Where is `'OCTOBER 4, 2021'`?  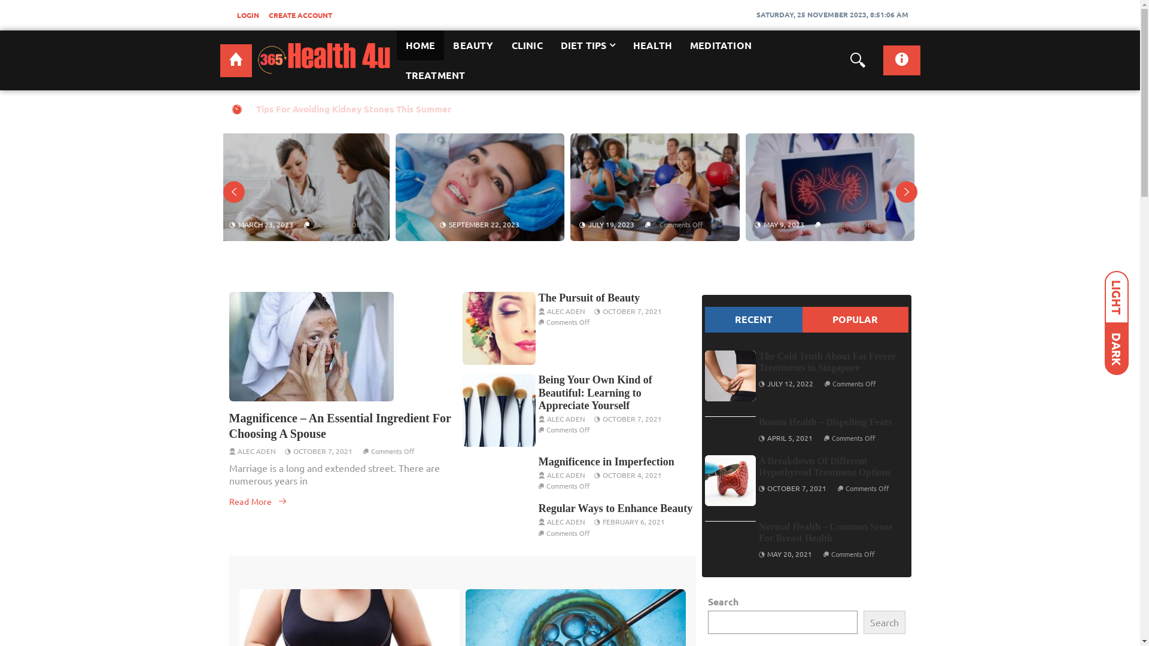 'OCTOBER 4, 2021' is located at coordinates (631, 474).